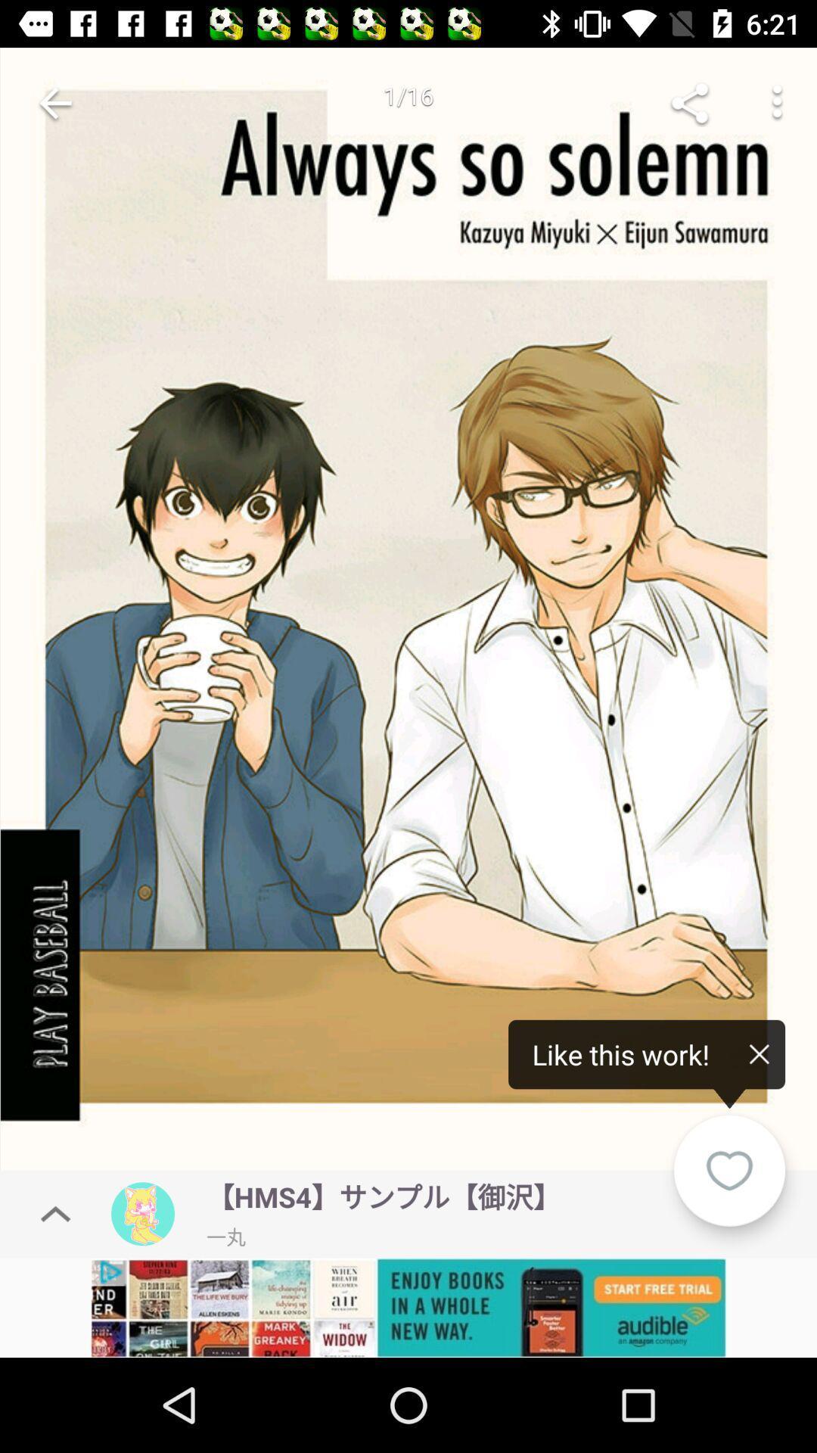 The width and height of the screenshot is (817, 1453). What do you see at coordinates (143, 1214) in the screenshot?
I see `the avatar icon` at bounding box center [143, 1214].